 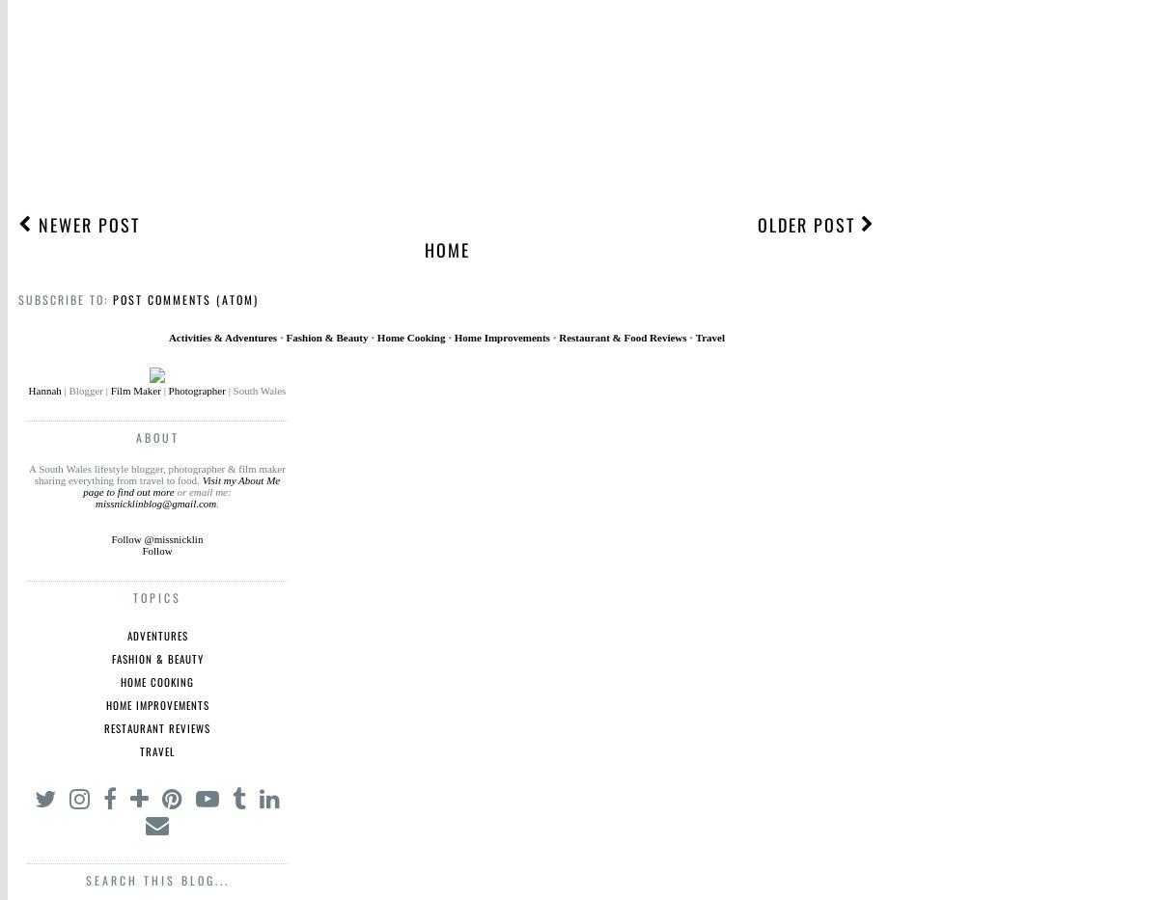 What do you see at coordinates (185, 299) in the screenshot?
I see `'Post Comments (Atom)'` at bounding box center [185, 299].